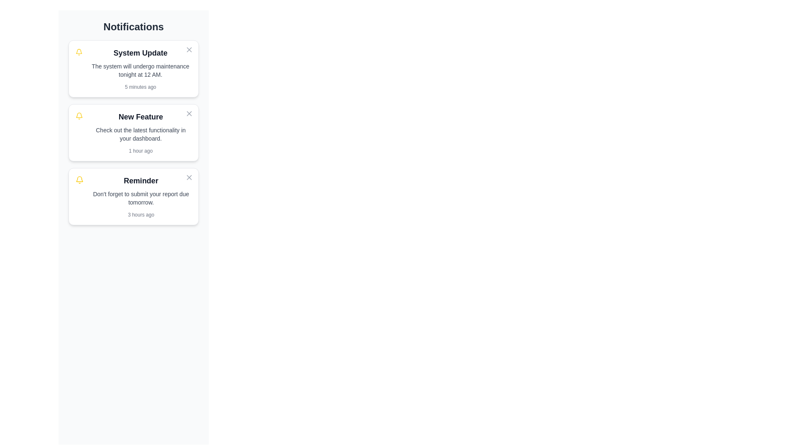  What do you see at coordinates (189, 49) in the screenshot?
I see `the close icon 'X' button located in the top-right corner of the 'System Update' card` at bounding box center [189, 49].